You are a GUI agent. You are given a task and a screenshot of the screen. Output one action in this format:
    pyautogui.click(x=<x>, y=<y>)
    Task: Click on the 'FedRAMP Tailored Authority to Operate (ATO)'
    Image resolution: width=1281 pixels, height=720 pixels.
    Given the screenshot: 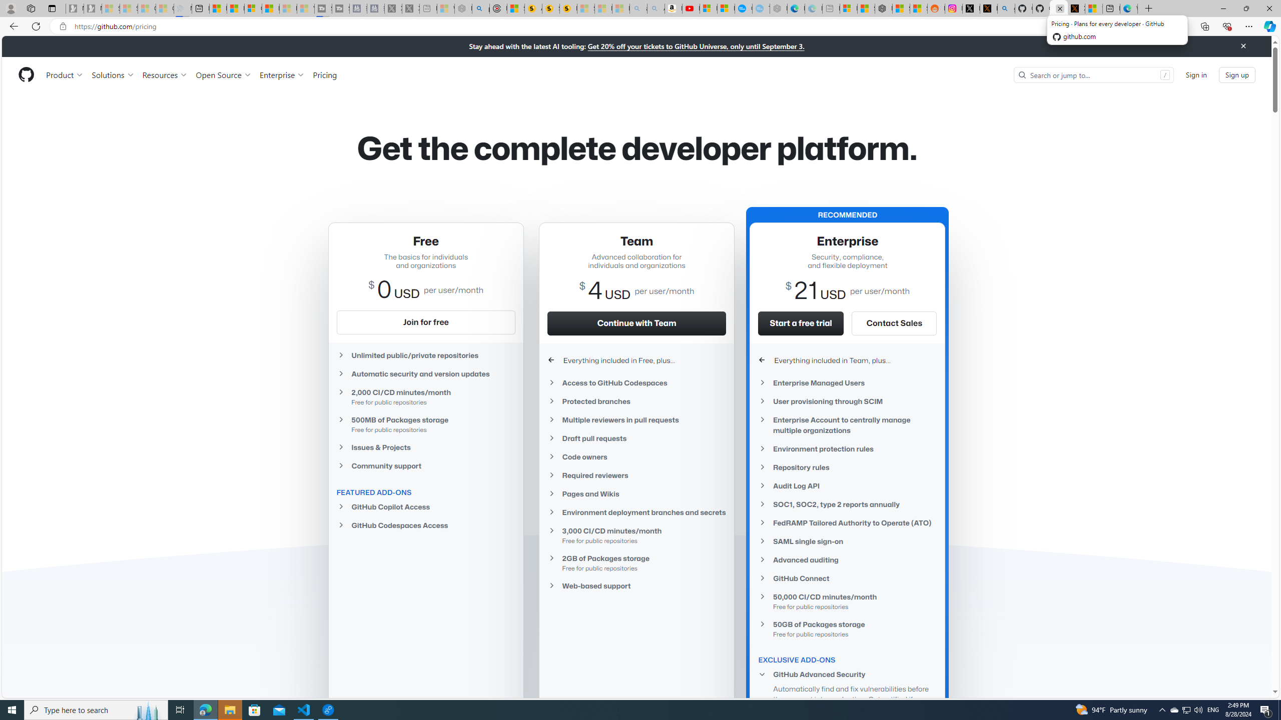 What is the action you would take?
    pyautogui.click(x=847, y=522)
    